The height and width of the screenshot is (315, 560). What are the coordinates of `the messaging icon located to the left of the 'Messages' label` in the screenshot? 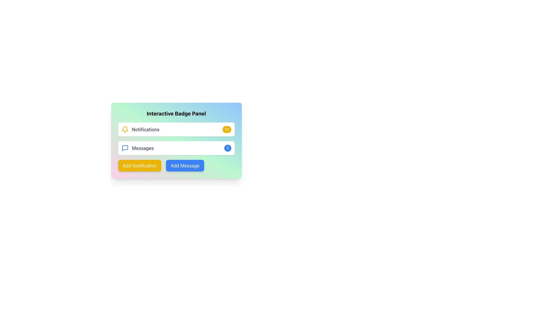 It's located at (125, 148).